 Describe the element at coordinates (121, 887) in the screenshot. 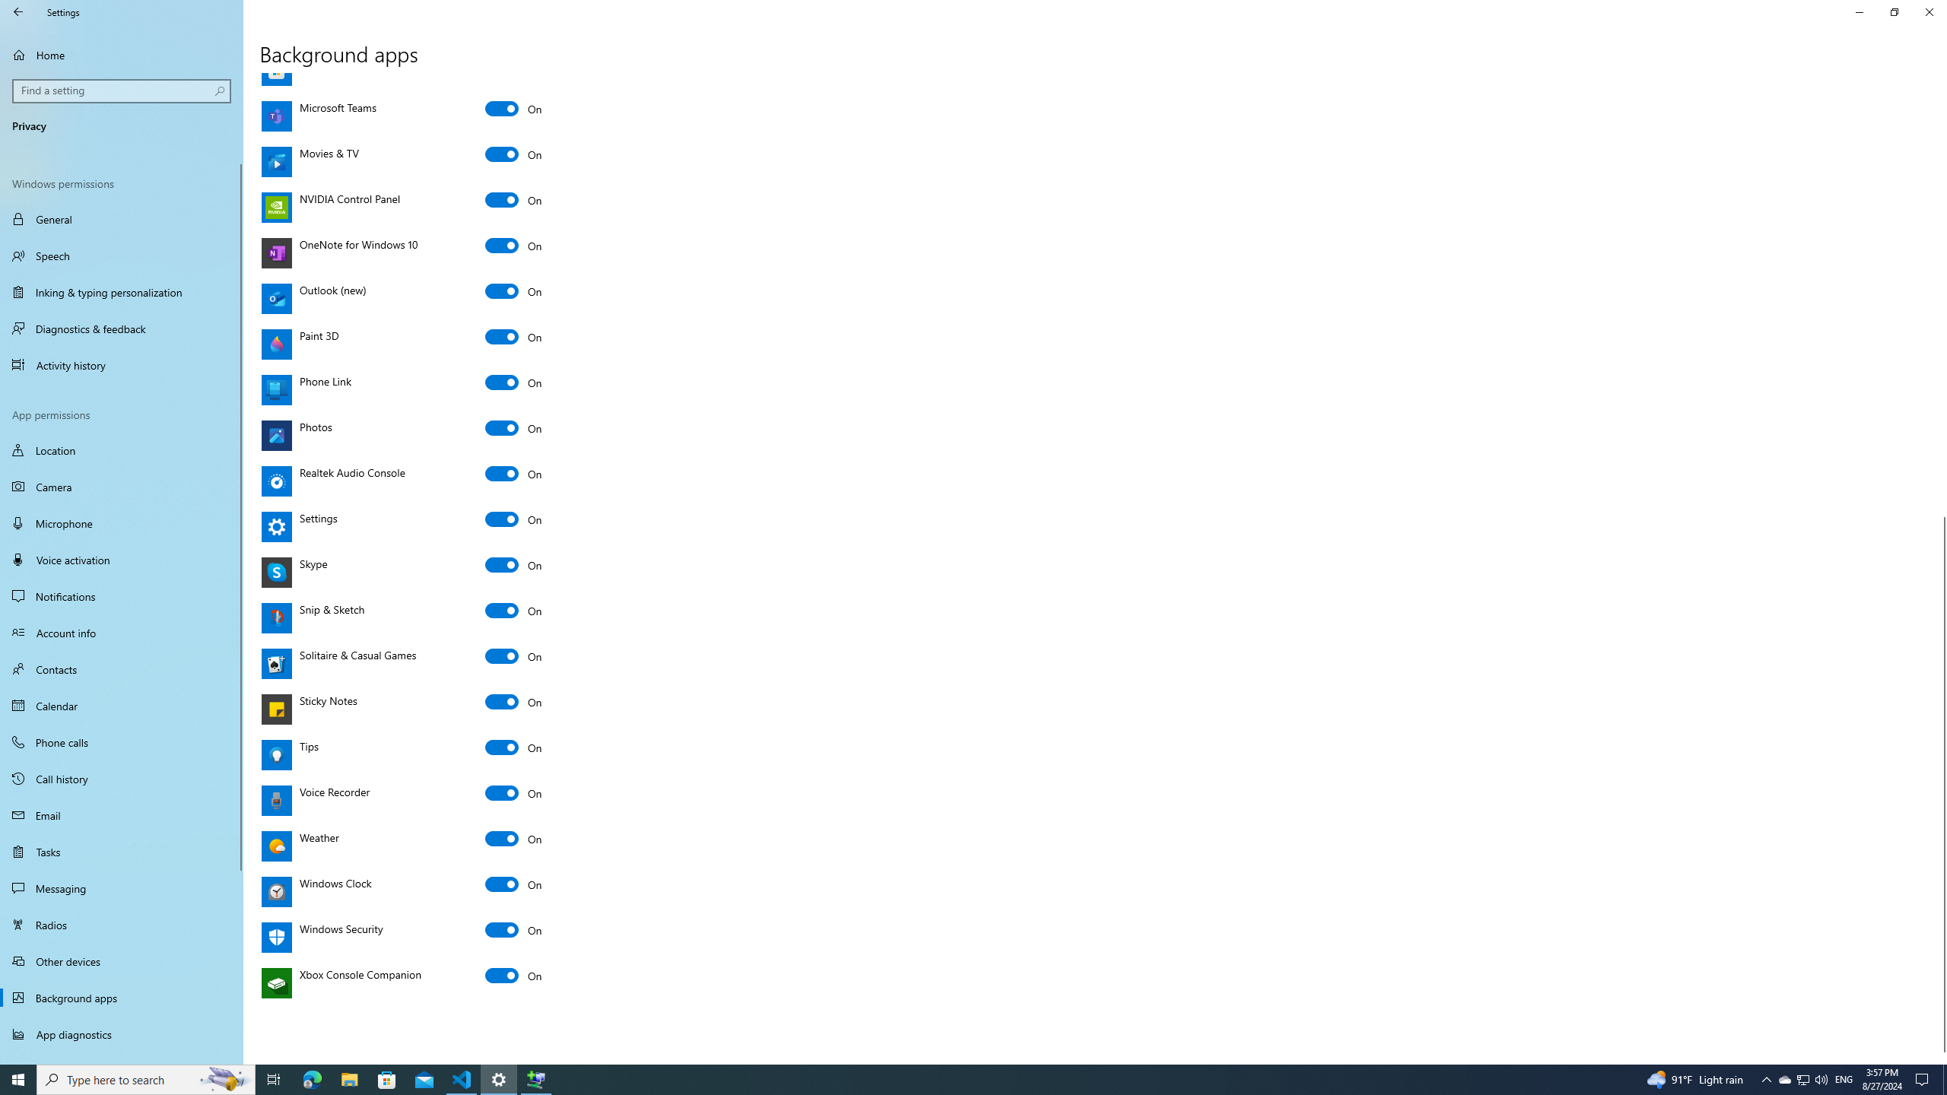

I see `'Messaging'` at that location.